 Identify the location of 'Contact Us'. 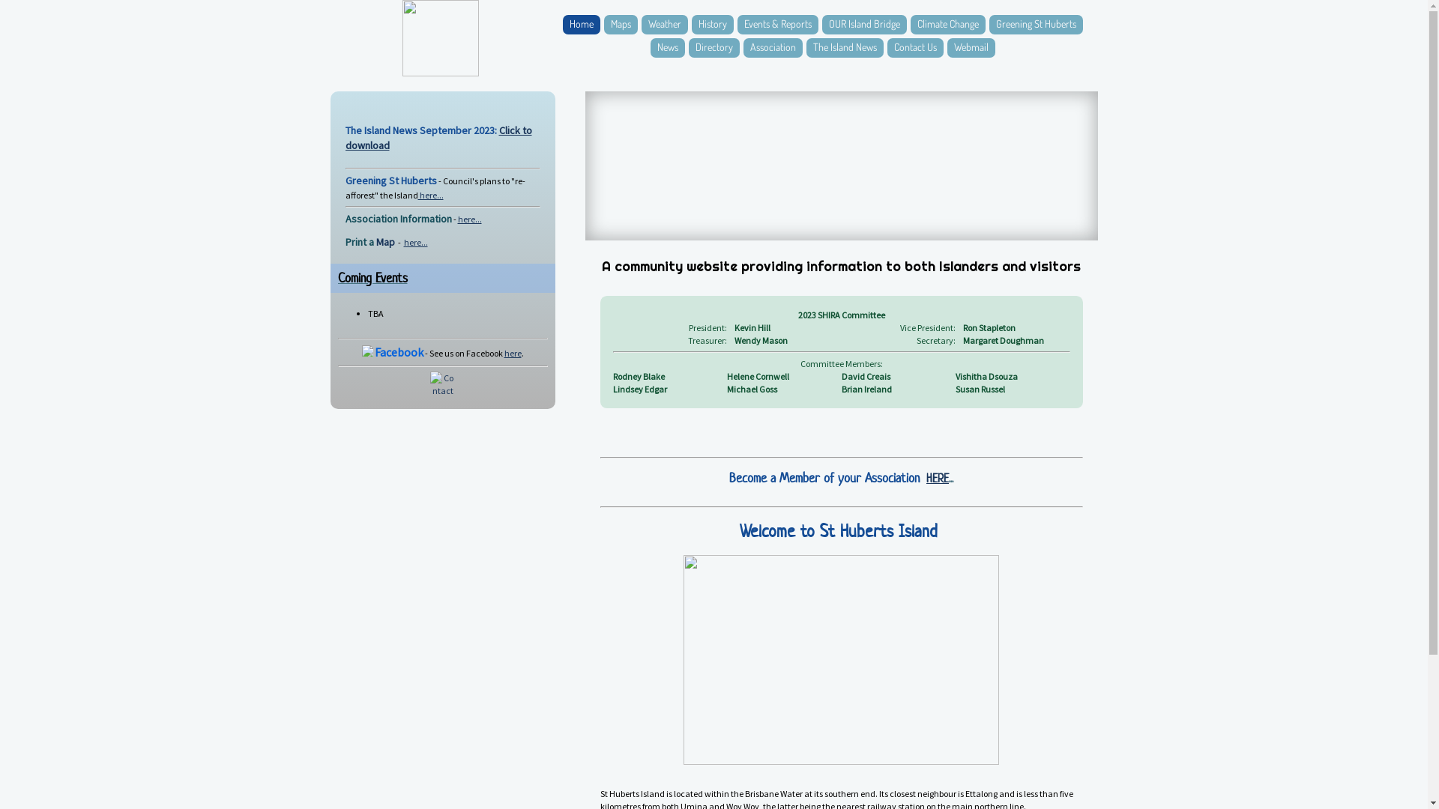
(914, 47).